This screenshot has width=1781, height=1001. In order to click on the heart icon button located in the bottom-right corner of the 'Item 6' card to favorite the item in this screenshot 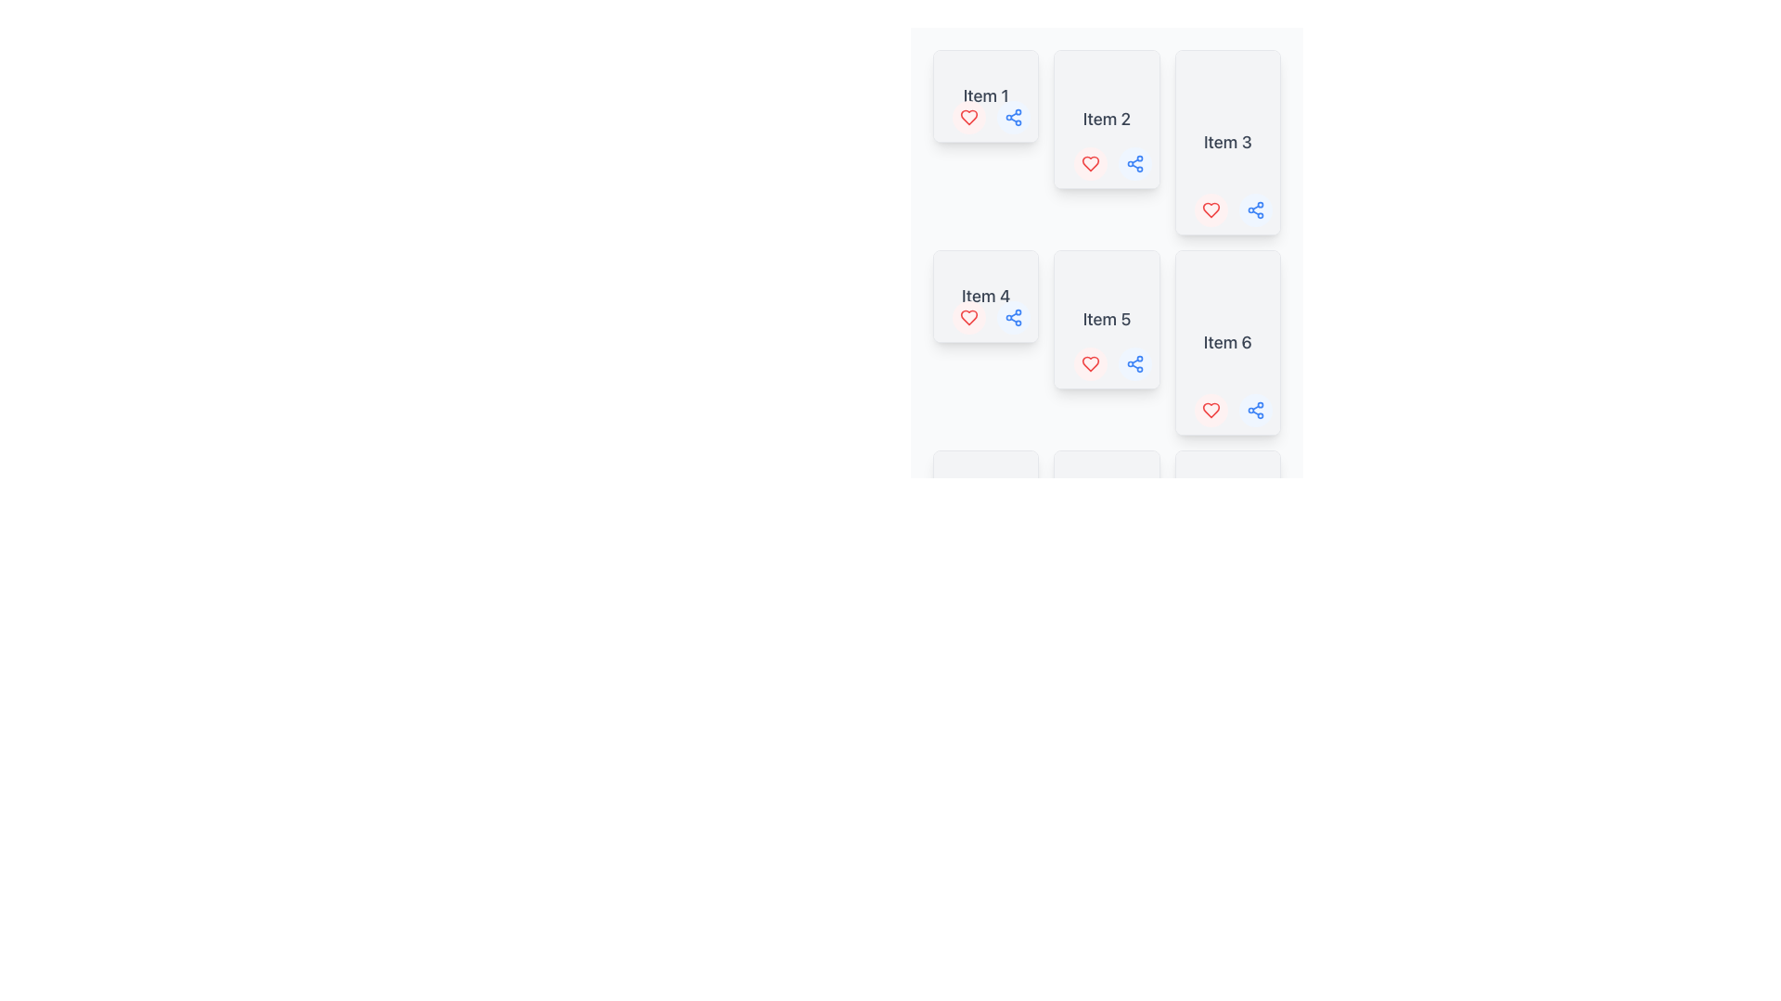, I will do `click(1211, 209)`.